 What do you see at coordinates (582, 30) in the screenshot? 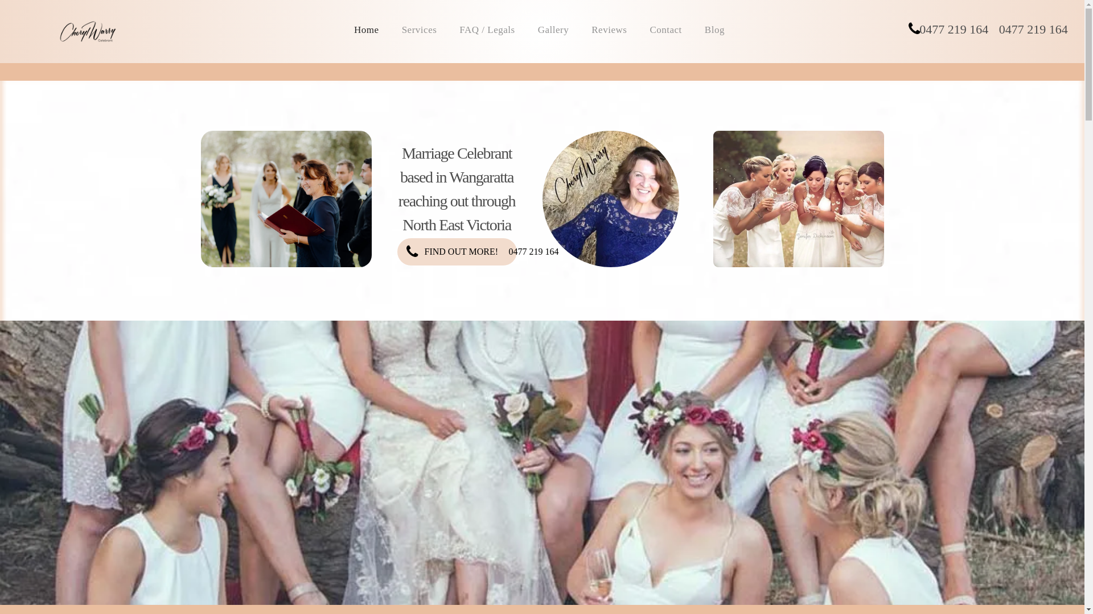
I see `'Reviews'` at bounding box center [582, 30].